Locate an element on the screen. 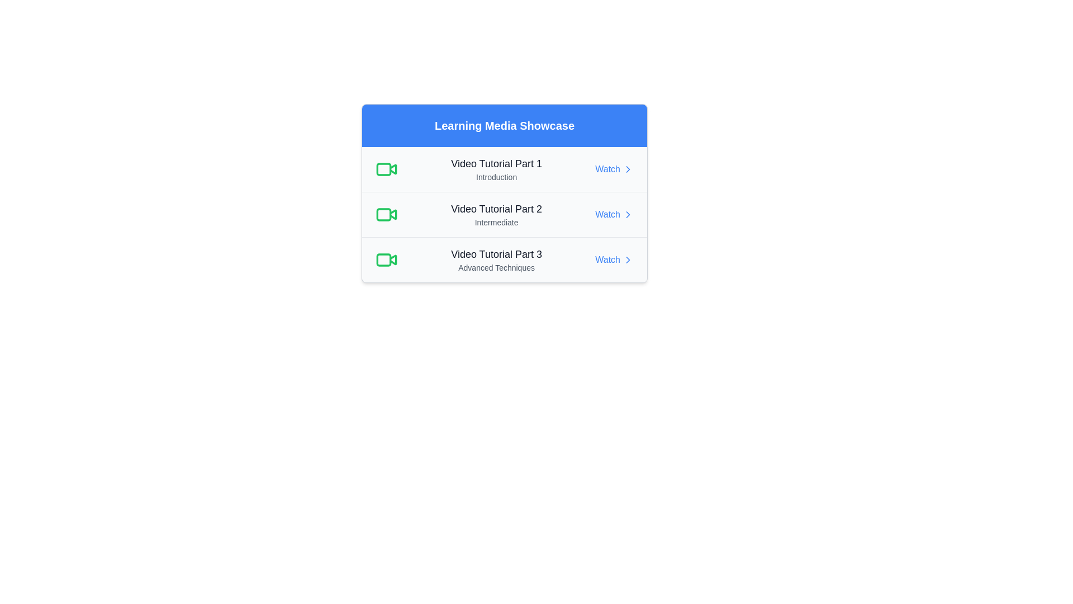 This screenshot has width=1073, height=604. the 'Watch' hyperlink button with a right-pointing chevron icon located to the right of the third item in the list titled 'Video Tutorial Part 3' is located at coordinates (614, 260).